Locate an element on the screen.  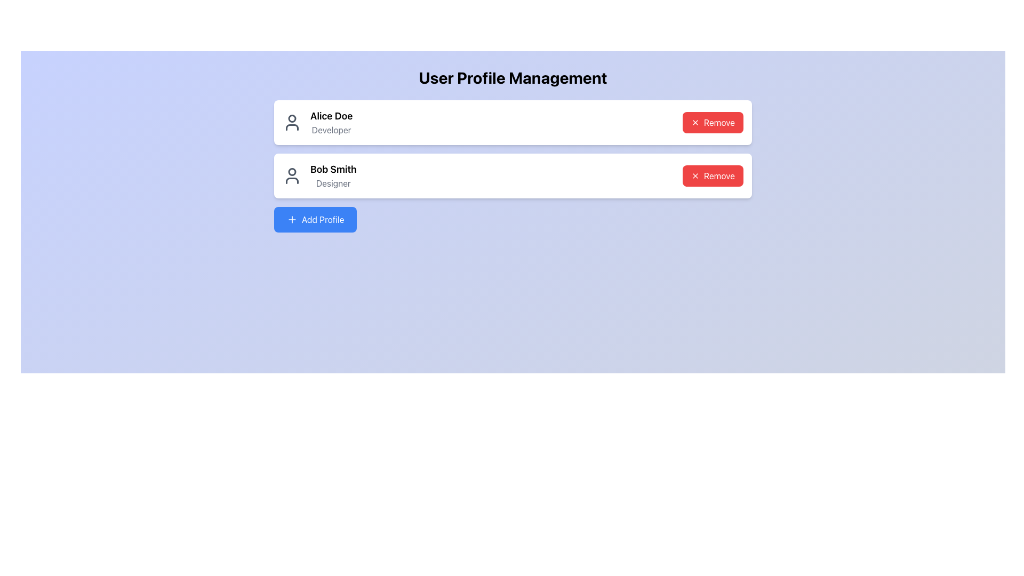
the button located in the right section of the profile card for 'Bob Smith' to initiate the removal action is located at coordinates (712, 175).